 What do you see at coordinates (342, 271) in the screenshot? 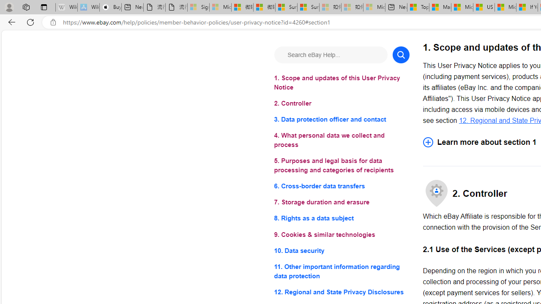
I see `'11. Other important information regarding data protection'` at bounding box center [342, 271].